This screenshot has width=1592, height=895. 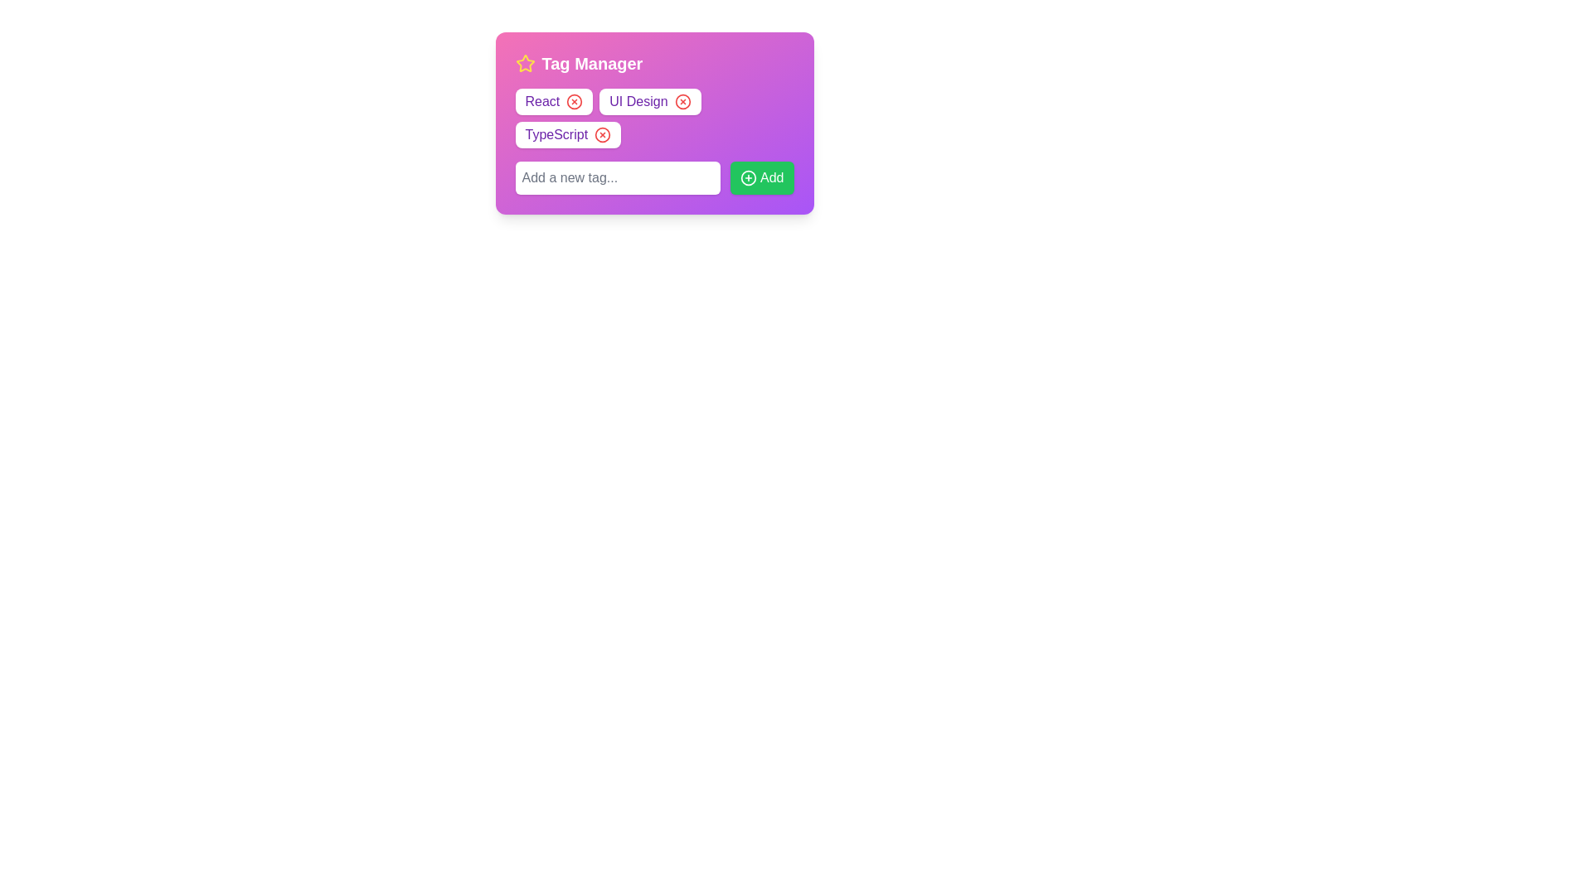 I want to click on the decorative star-shaped icon located to the left of the 'Tag Manager' header, so click(x=524, y=62).